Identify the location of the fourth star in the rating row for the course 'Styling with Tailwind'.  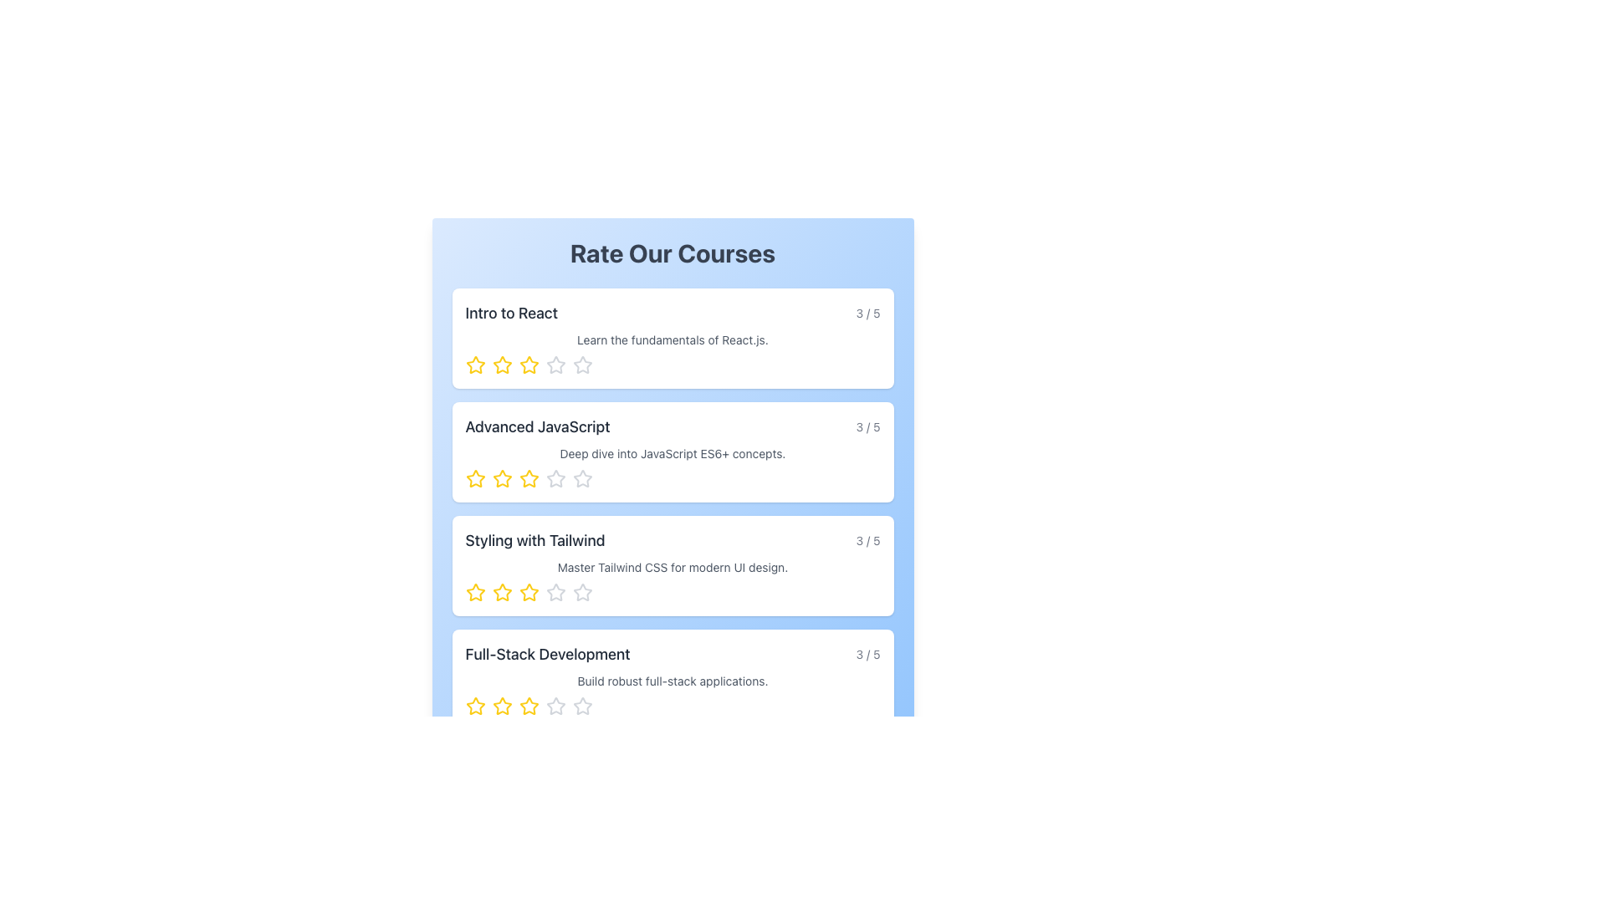
(555, 591).